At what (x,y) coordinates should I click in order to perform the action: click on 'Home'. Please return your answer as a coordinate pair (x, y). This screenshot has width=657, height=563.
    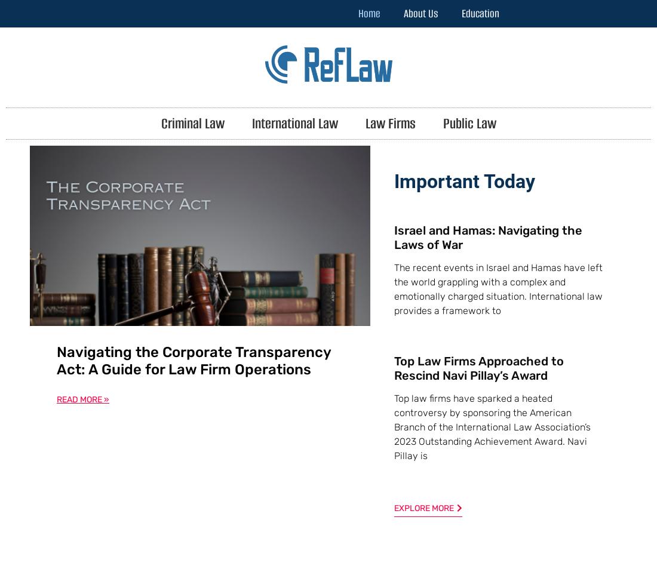
    Looking at the image, I should click on (358, 13).